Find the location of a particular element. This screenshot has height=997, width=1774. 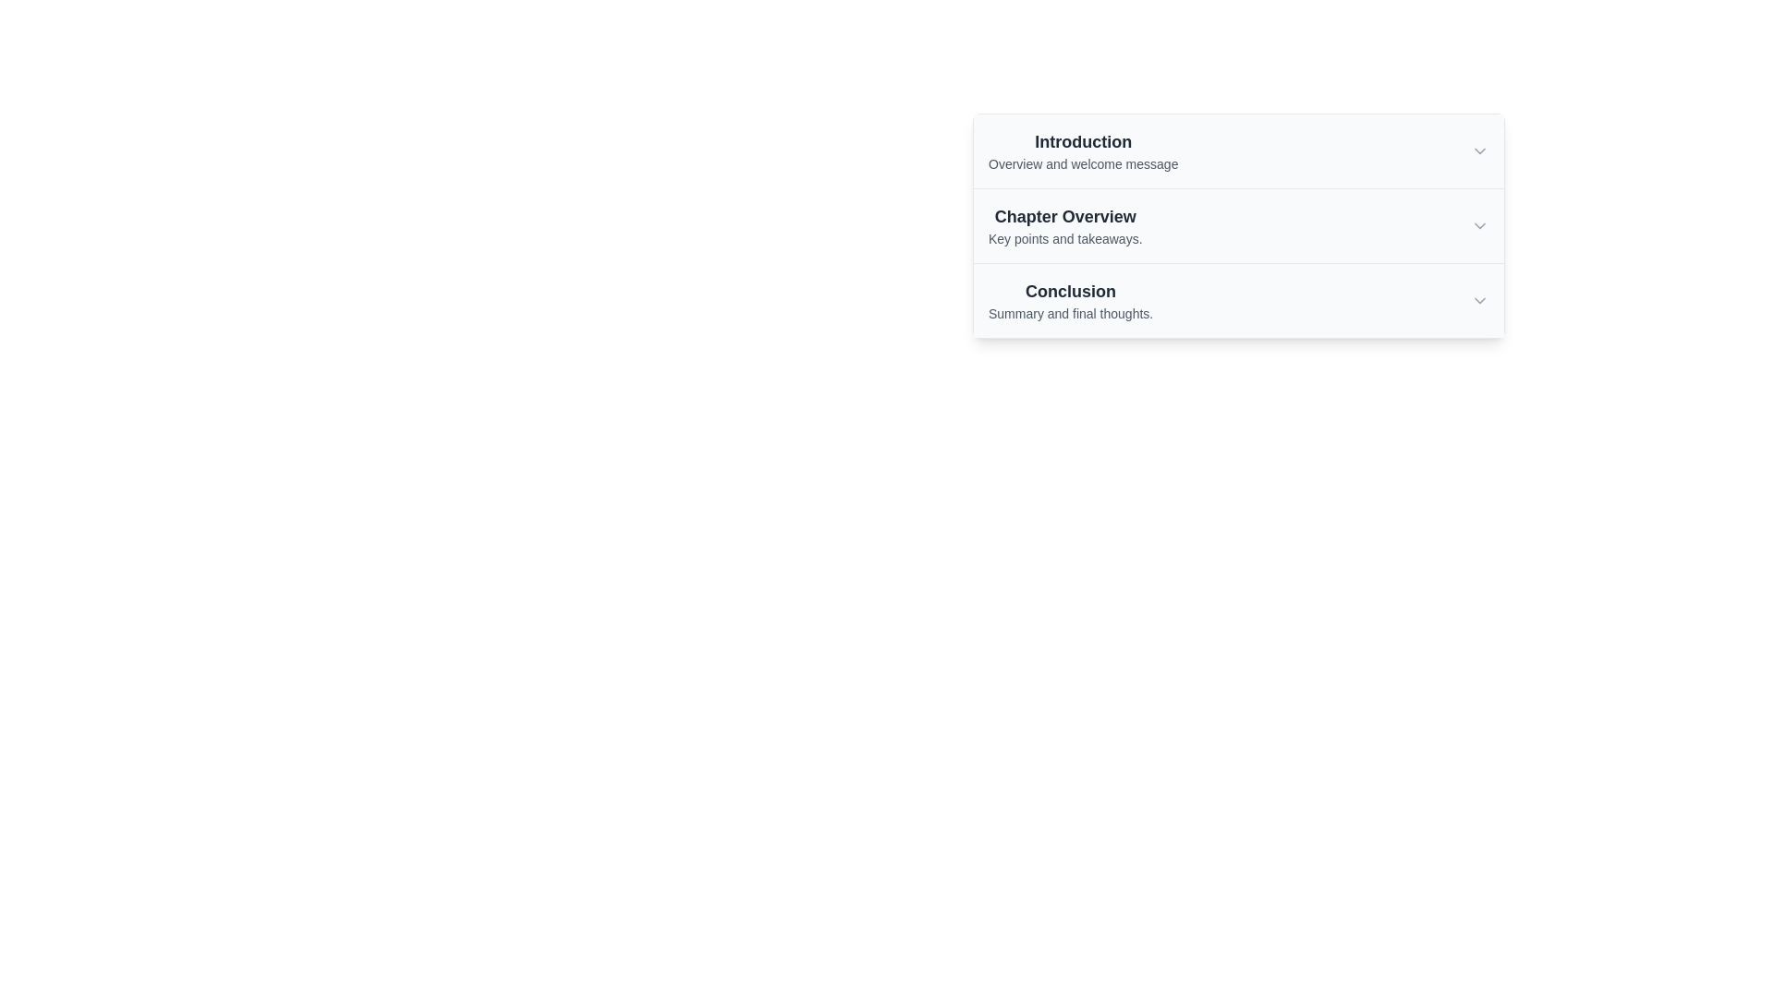

the third downward-facing chevron icon located in the 'Conclusion' section to receive a visual indication of interactivity is located at coordinates (1480, 300).